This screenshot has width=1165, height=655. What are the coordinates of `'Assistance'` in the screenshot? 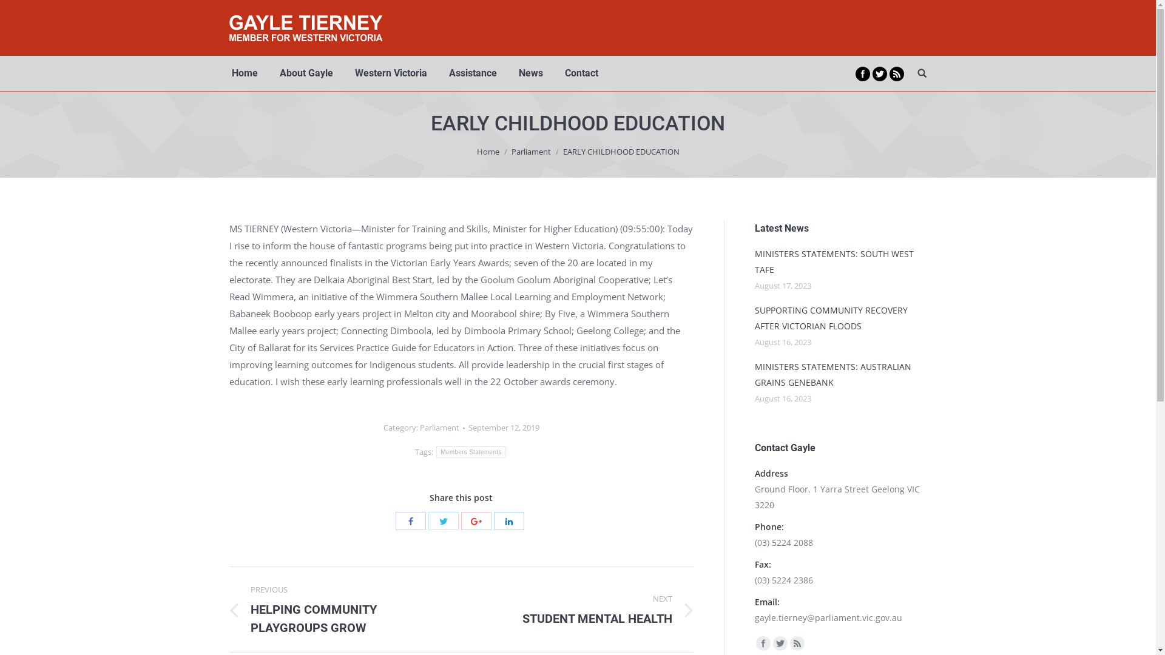 It's located at (445, 73).